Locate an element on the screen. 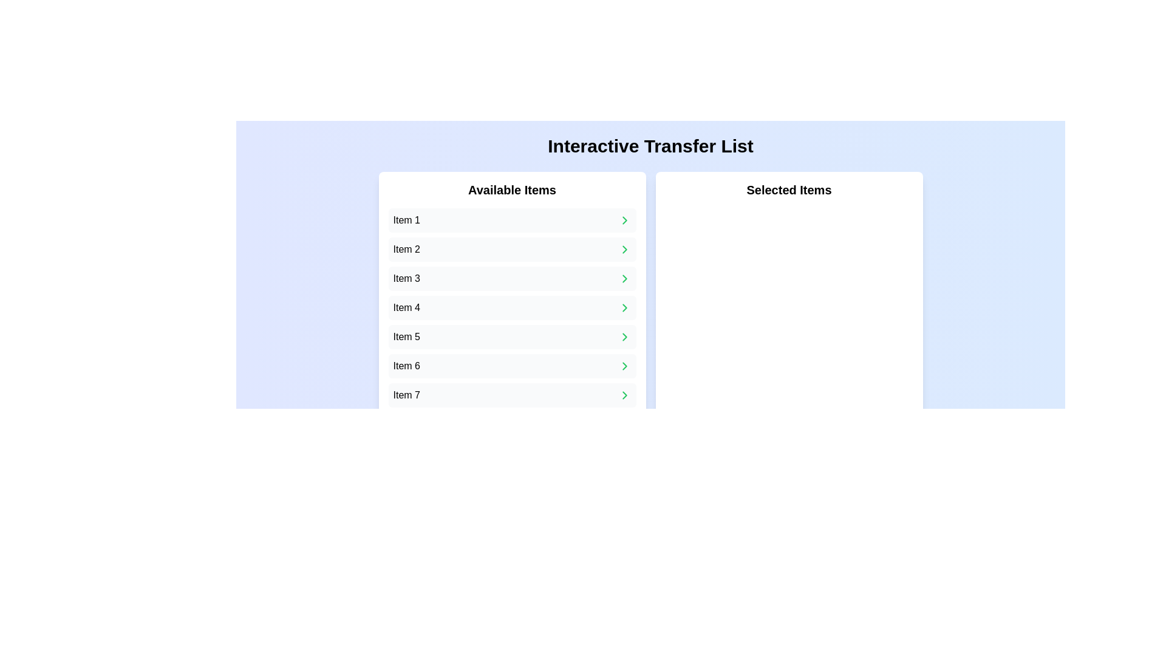  the interactive green arrow icon button located to the right of the 'Item 2' list item is located at coordinates (624, 249).